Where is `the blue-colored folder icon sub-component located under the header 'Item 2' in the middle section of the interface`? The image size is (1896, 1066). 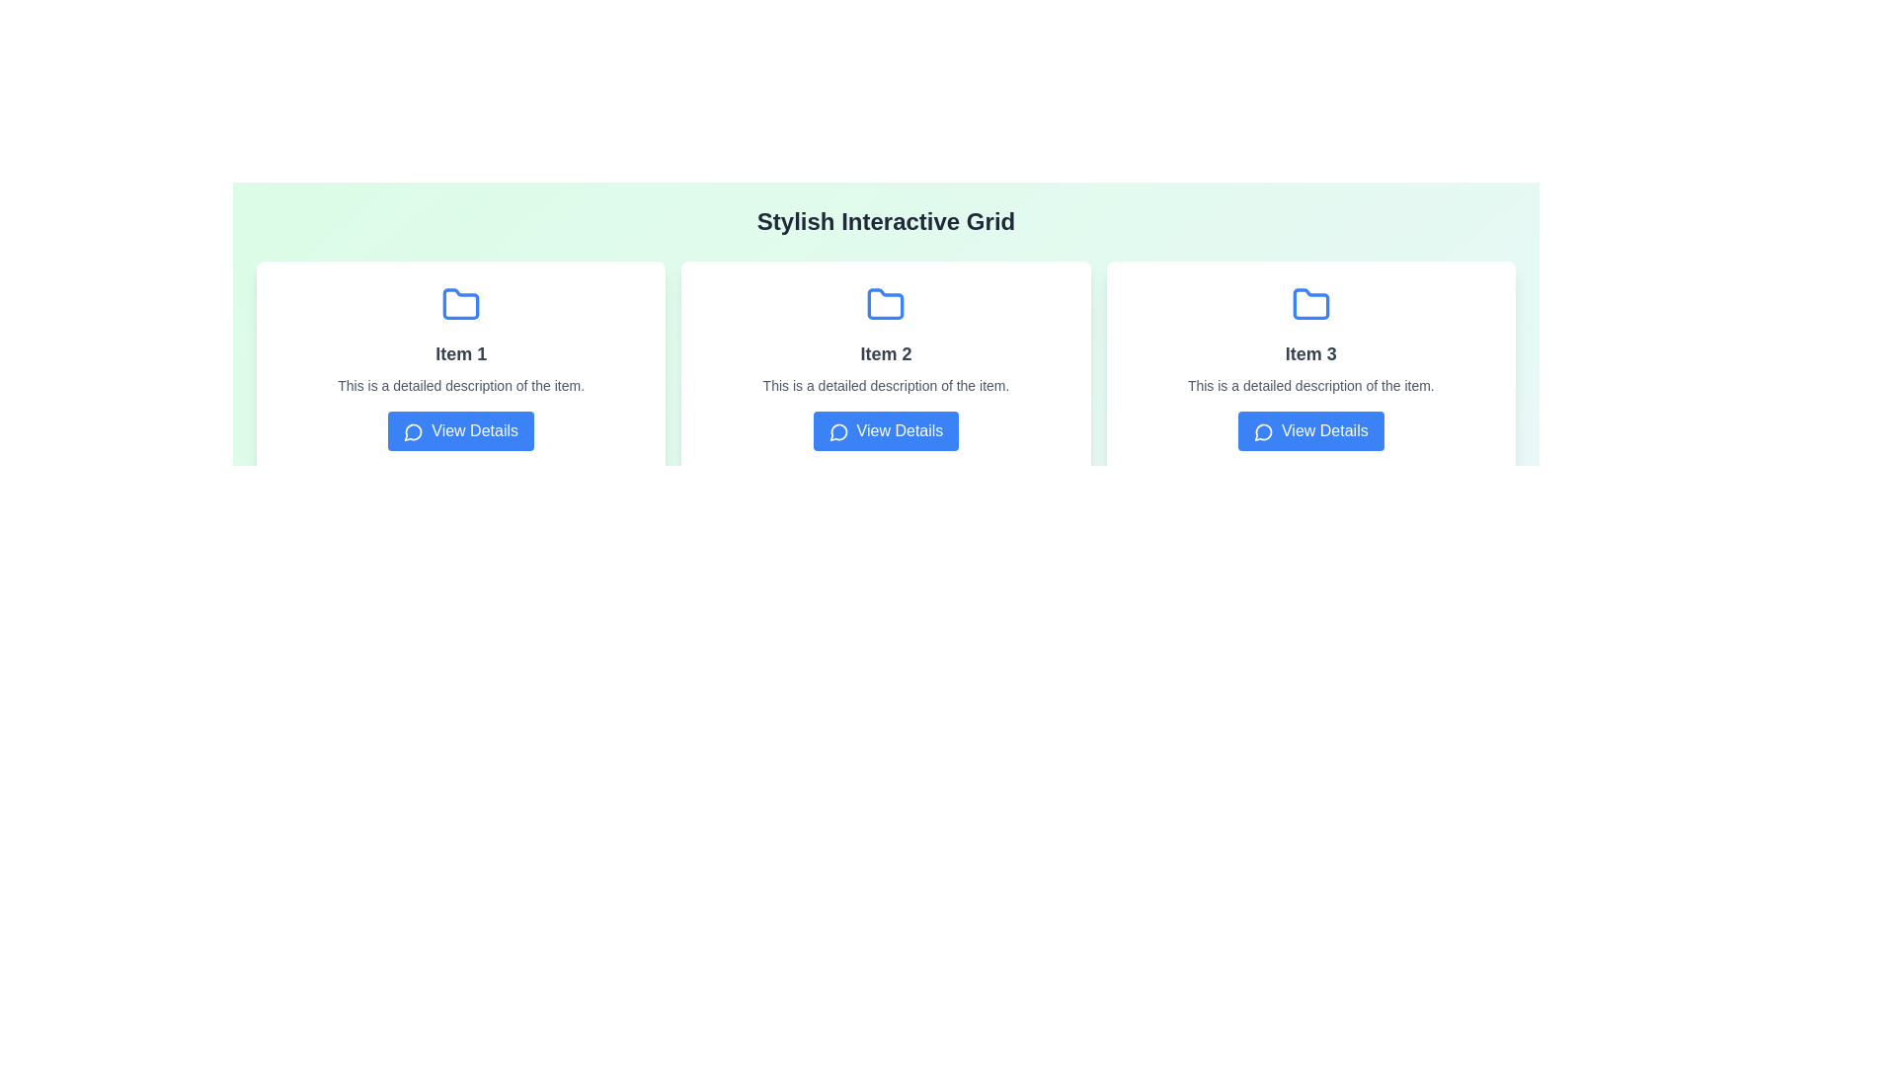
the blue-colored folder icon sub-component located under the header 'Item 2' in the middle section of the interface is located at coordinates (885, 304).